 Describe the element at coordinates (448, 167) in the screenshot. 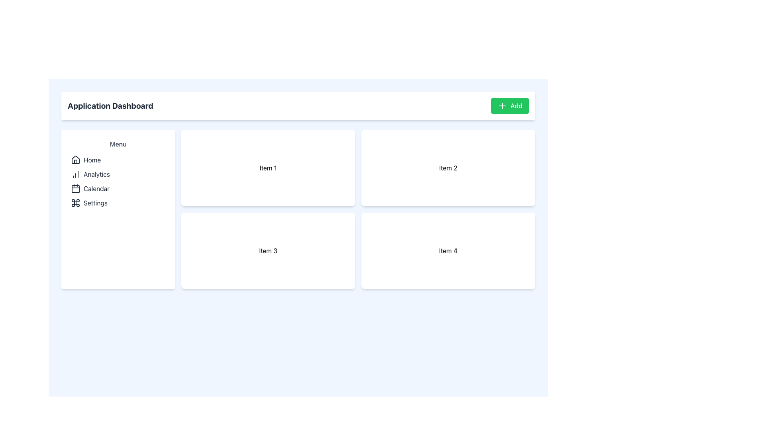

I see `the static content card displaying the text 'Item 2' located in the top-right position of a 2x2 grid layout` at that location.